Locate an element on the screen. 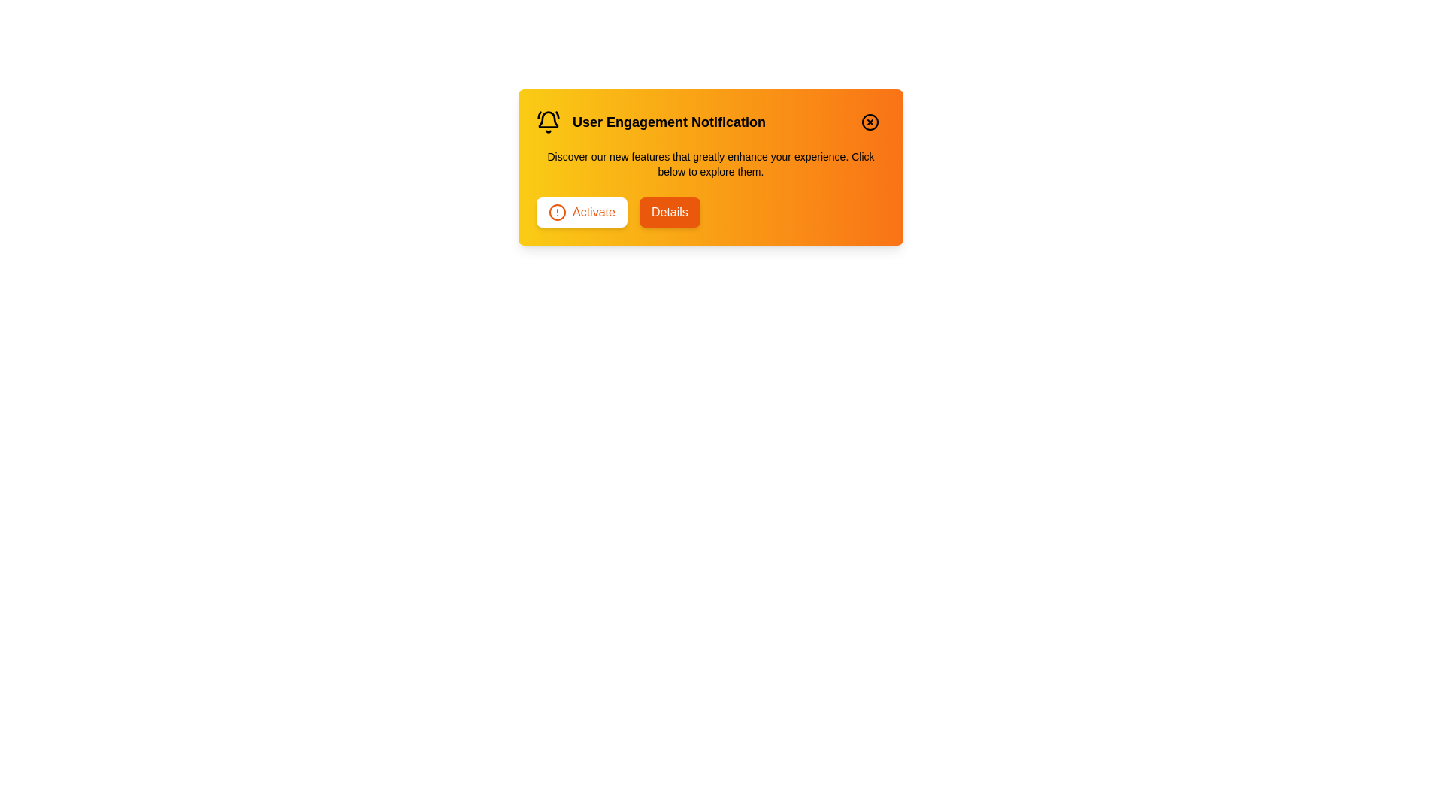 The height and width of the screenshot is (811, 1443). the notification icon to interact with it is located at coordinates (547, 121).